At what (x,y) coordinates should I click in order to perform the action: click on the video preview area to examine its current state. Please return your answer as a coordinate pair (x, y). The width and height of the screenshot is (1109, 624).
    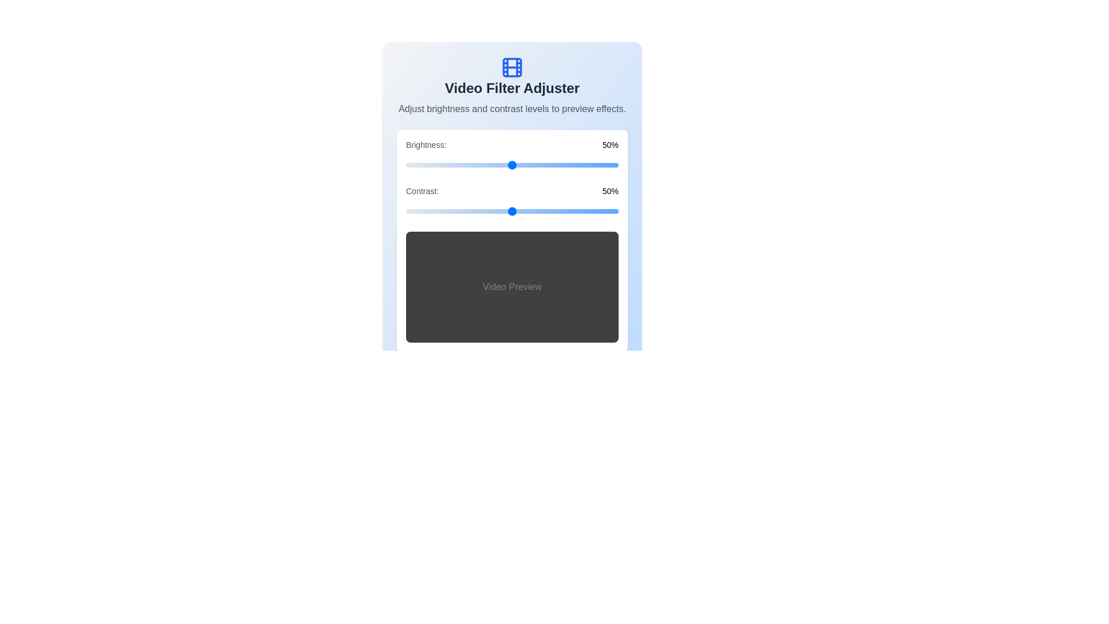
    Looking at the image, I should click on (512, 287).